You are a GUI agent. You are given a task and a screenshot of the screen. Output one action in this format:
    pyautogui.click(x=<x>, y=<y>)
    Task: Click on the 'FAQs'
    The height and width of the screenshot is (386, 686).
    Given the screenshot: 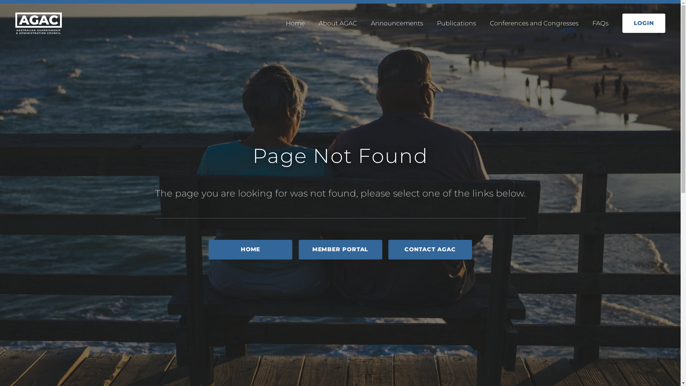 What is the action you would take?
    pyautogui.click(x=600, y=23)
    